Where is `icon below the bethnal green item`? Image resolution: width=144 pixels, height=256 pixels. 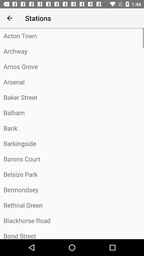
icon below the bethnal green item is located at coordinates (72, 221).